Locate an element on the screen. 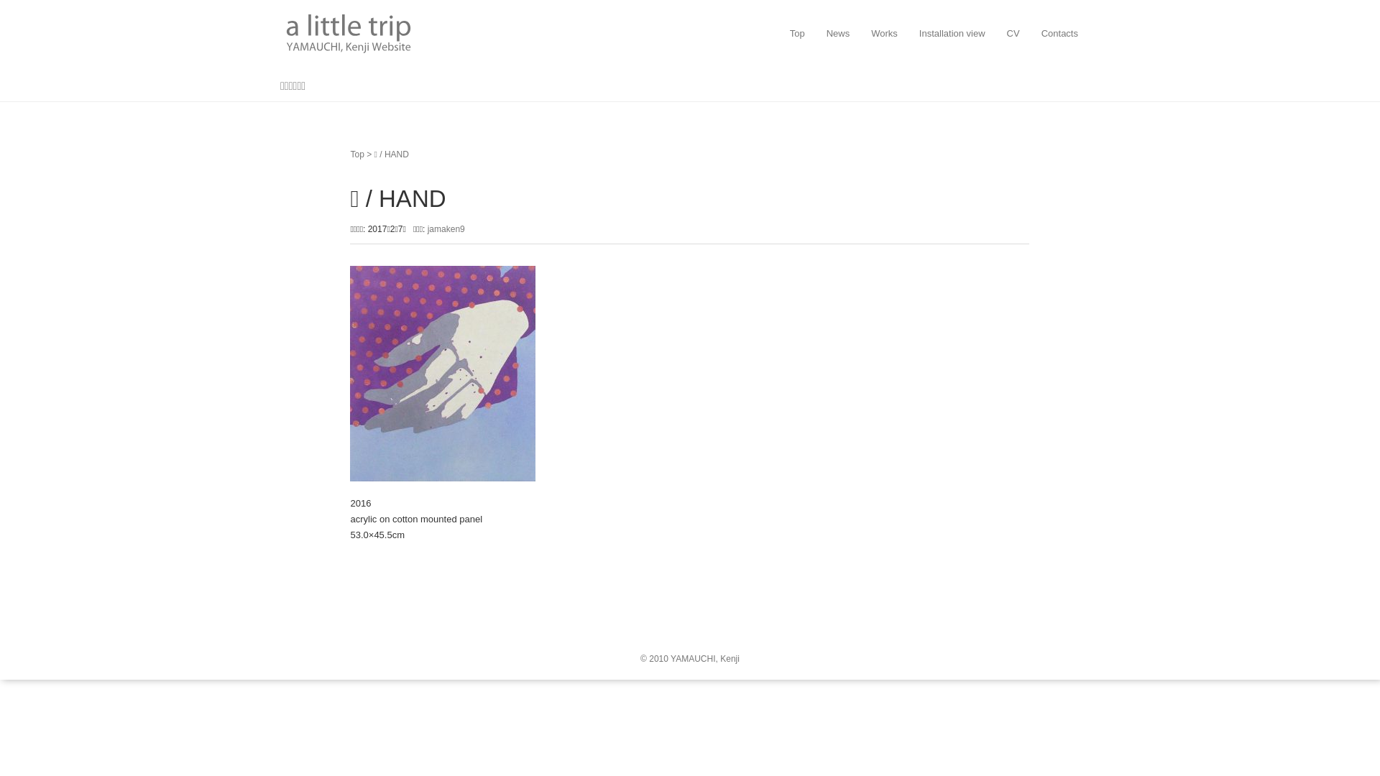 This screenshot has height=776, width=1380. 'Top' is located at coordinates (796, 32).